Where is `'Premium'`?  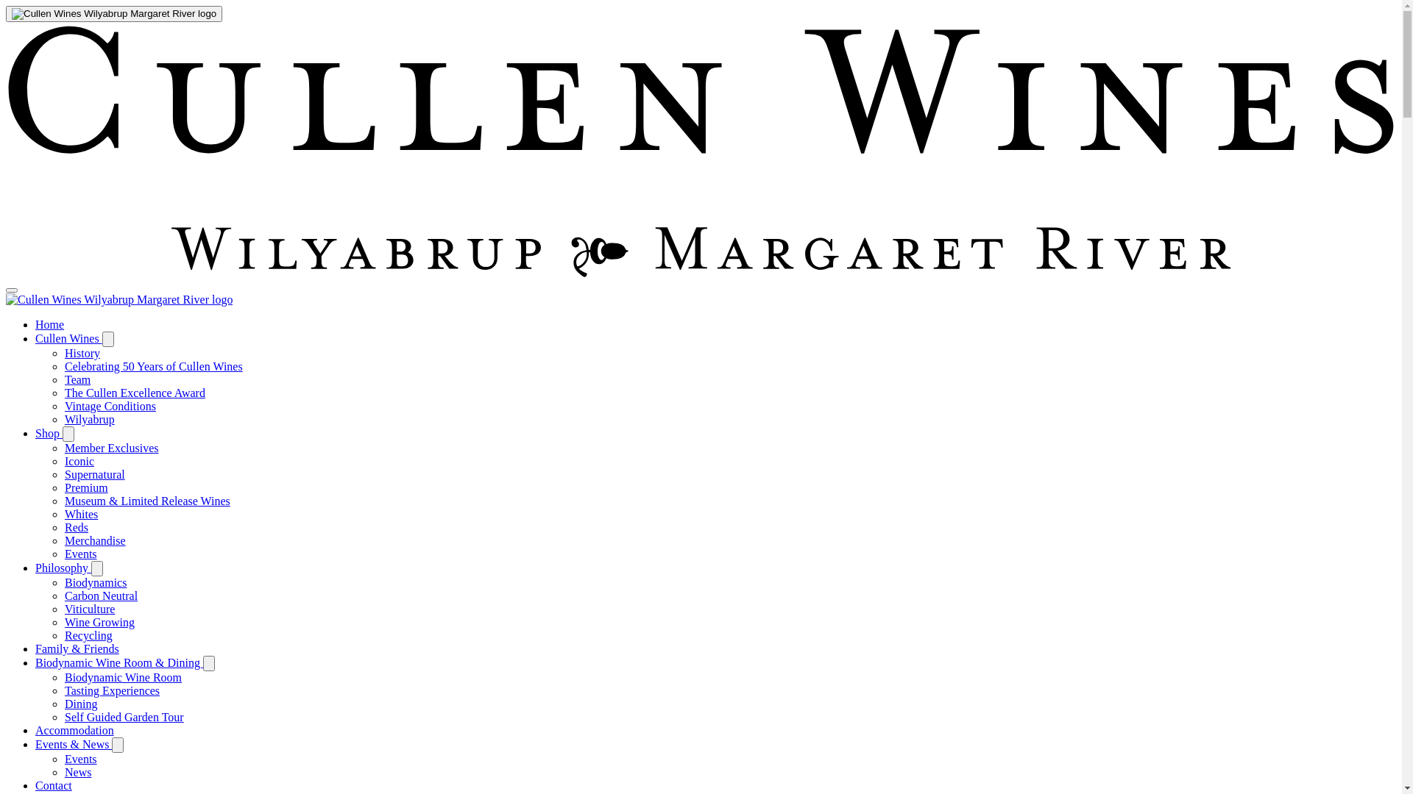
'Premium' is located at coordinates (85, 487).